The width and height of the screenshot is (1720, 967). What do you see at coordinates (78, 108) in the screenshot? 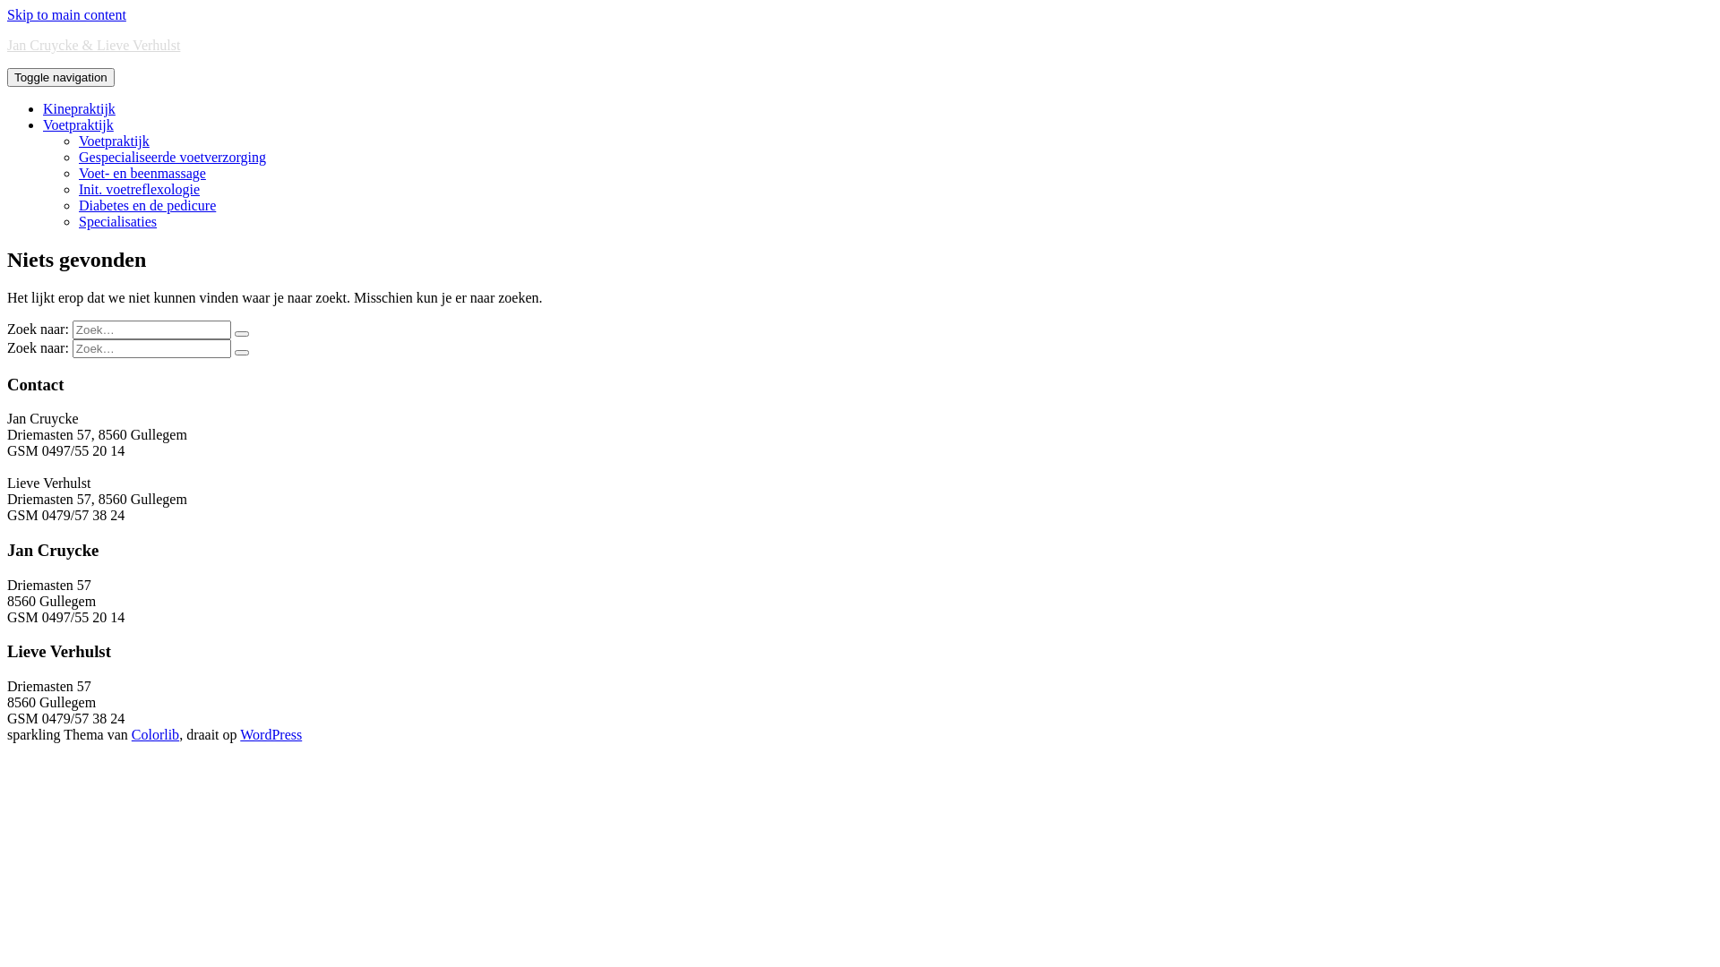
I see `'Kinepraktijk'` at bounding box center [78, 108].